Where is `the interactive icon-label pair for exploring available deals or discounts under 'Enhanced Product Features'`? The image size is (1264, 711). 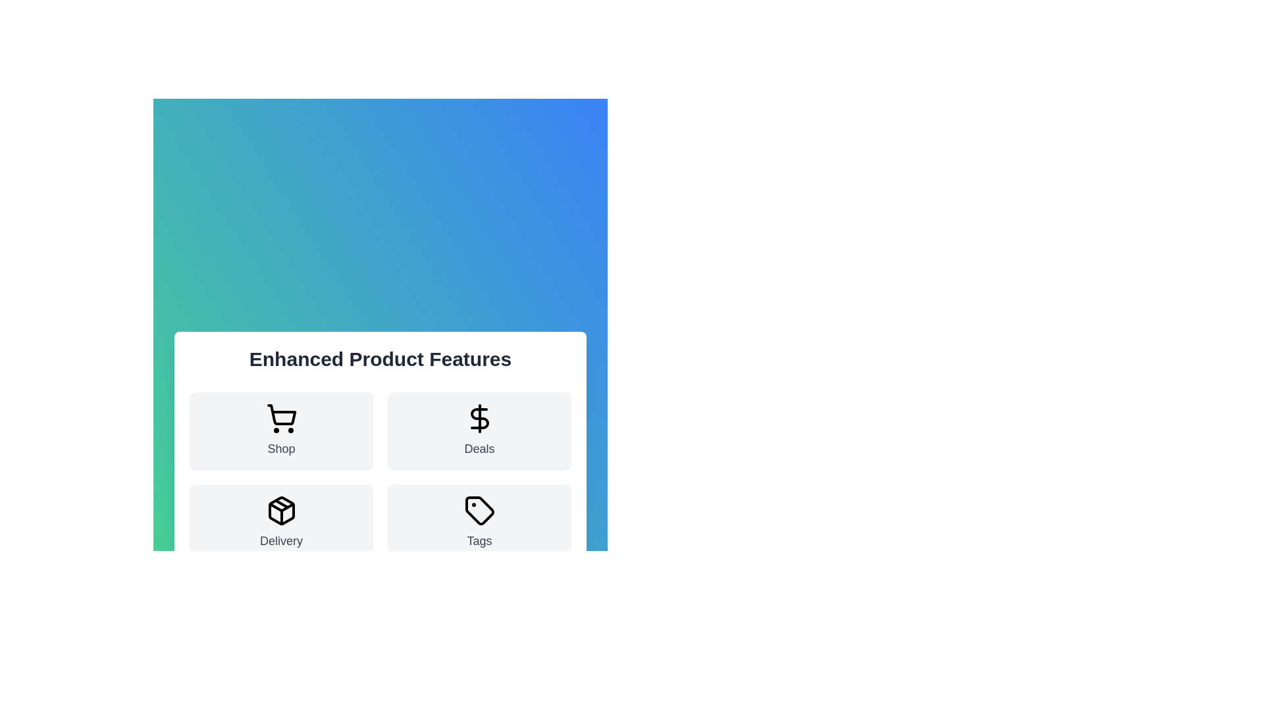 the interactive icon-label pair for exploring available deals or discounts under 'Enhanced Product Features' is located at coordinates (479, 431).